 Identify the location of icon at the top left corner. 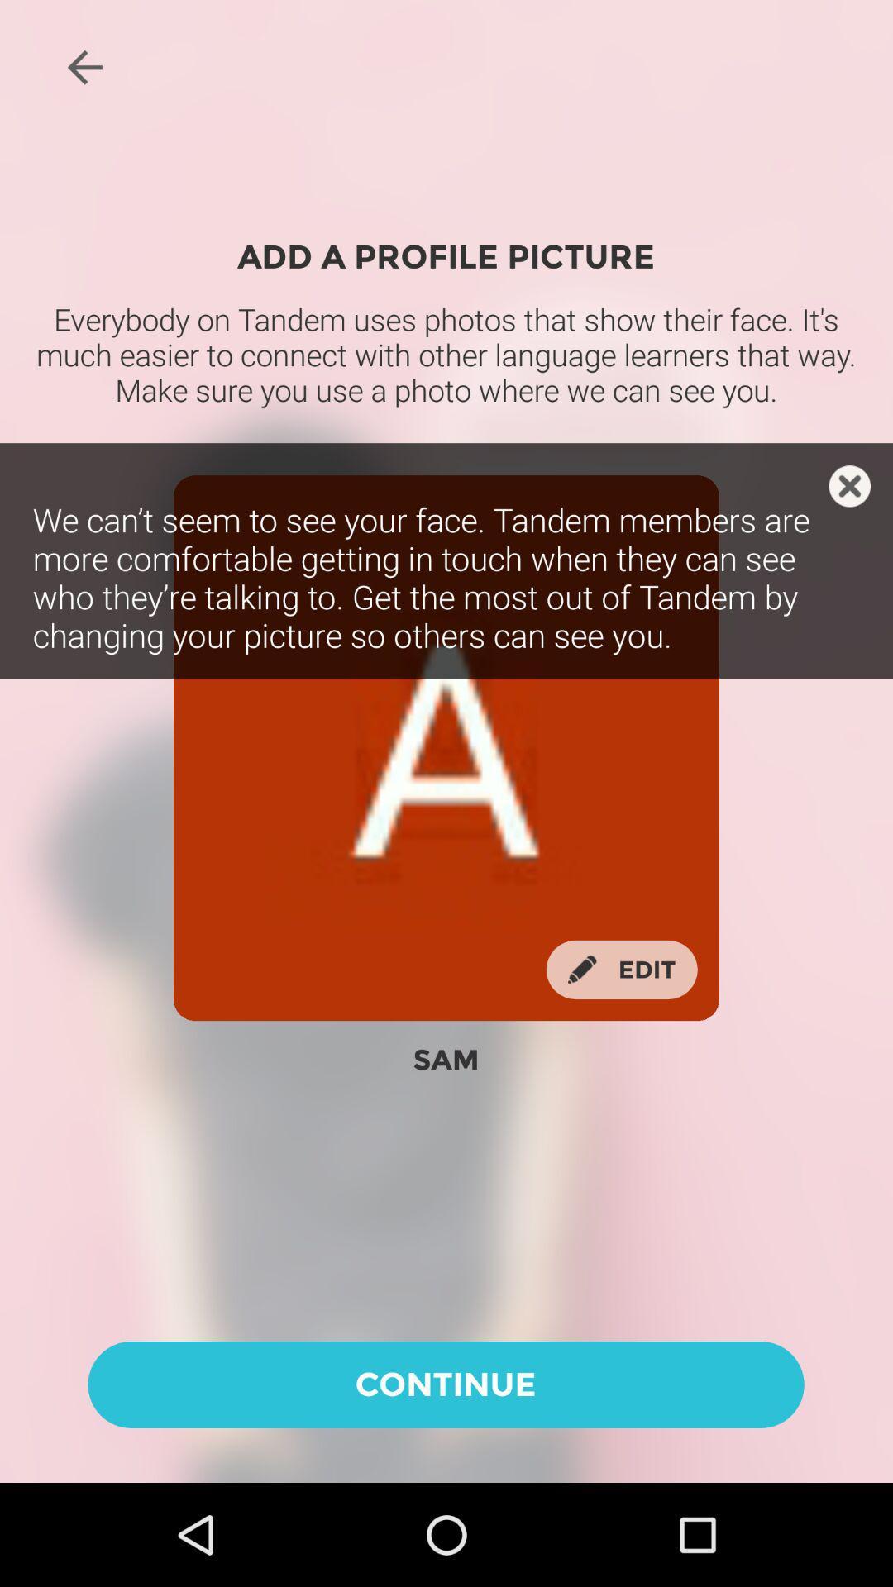
(84, 66).